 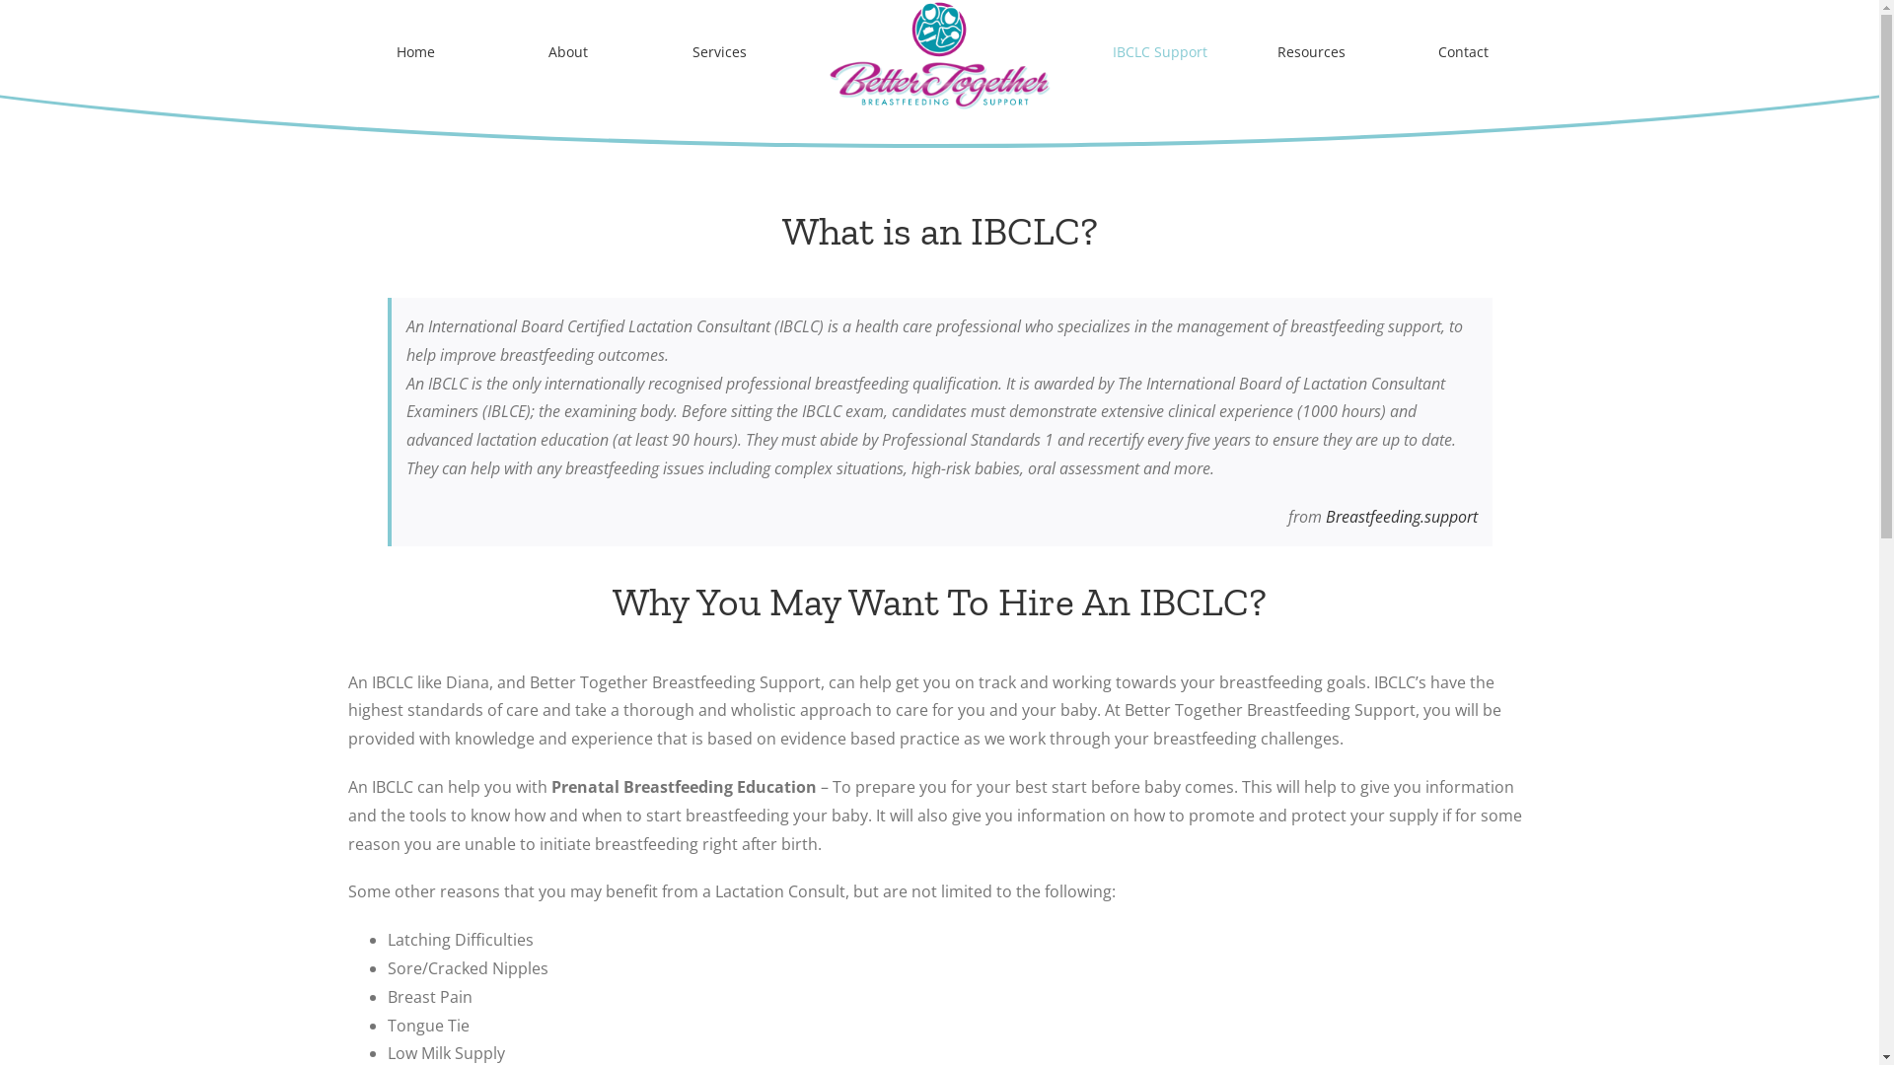 What do you see at coordinates (1463, 51) in the screenshot?
I see `'Contact'` at bounding box center [1463, 51].